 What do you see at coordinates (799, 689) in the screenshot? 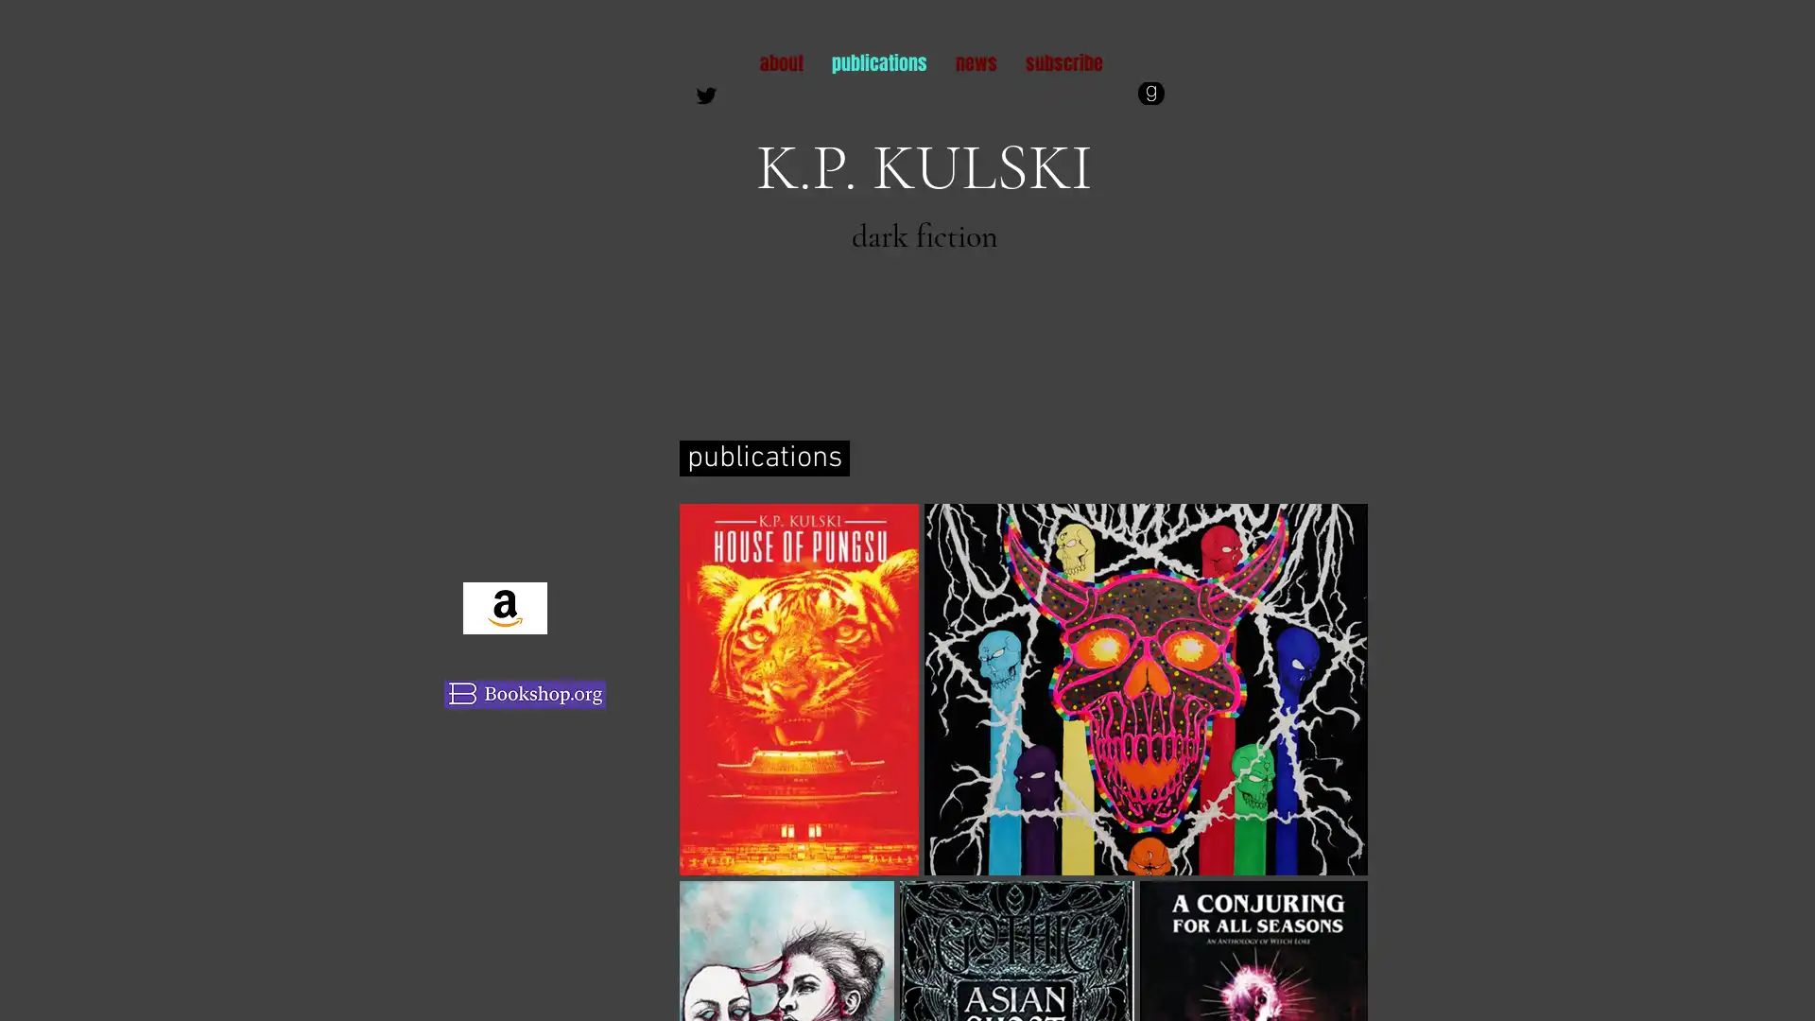
I see `HOUSE OF PUNGSU - (Novella) Coming September 2022!` at bounding box center [799, 689].